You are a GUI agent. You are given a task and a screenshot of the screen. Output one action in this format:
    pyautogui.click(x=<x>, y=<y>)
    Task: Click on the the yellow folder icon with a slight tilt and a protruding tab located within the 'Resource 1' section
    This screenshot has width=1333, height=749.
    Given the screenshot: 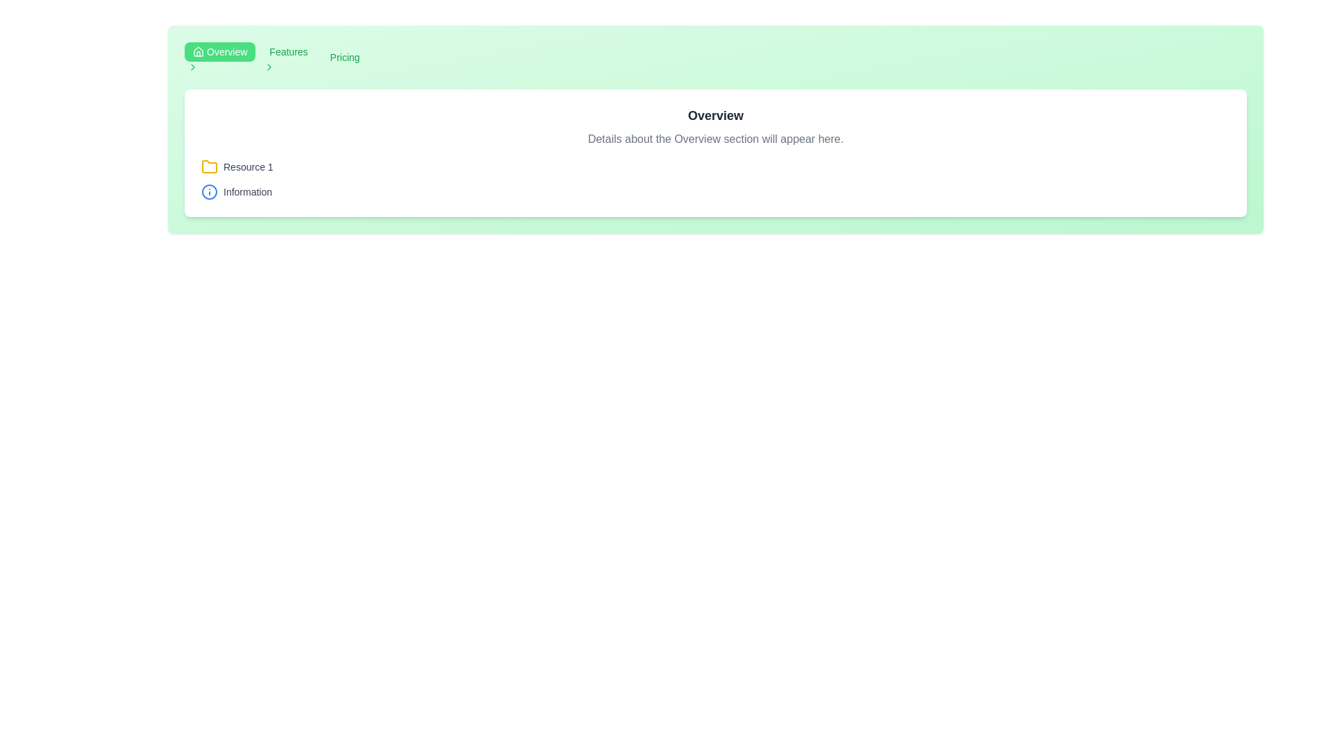 What is the action you would take?
    pyautogui.click(x=209, y=165)
    